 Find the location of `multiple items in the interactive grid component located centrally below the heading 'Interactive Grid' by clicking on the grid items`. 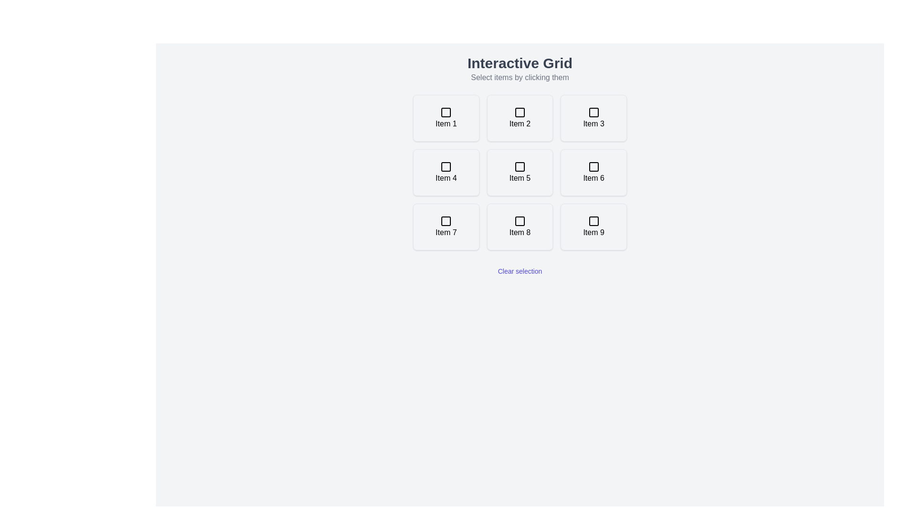

multiple items in the interactive grid component located centrally below the heading 'Interactive Grid' by clicking on the grid items is located at coordinates (519, 173).